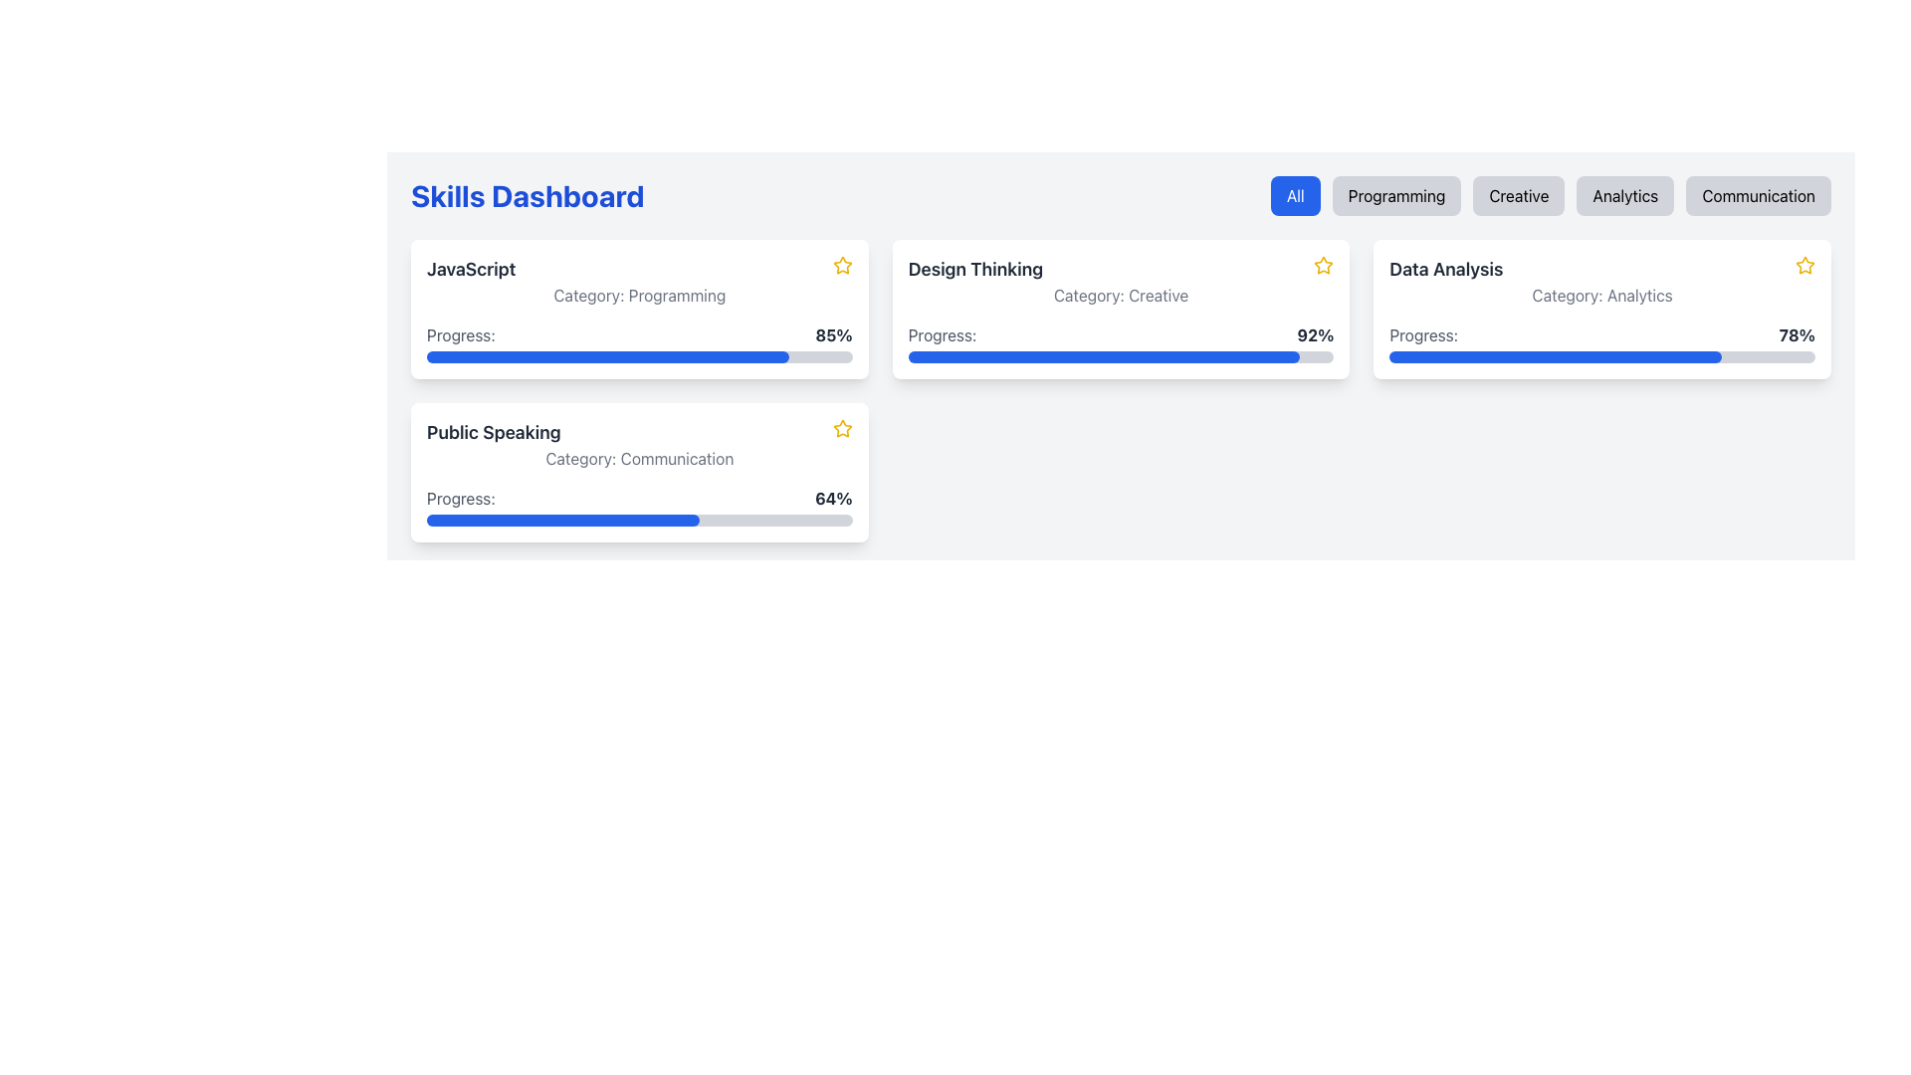 Image resolution: width=1911 pixels, height=1075 pixels. I want to click on the 'Progress:' text label located in the top-right card of the skills dashboard interface, above the progress bar and to the left of the percentage value '92%, so click(941, 333).